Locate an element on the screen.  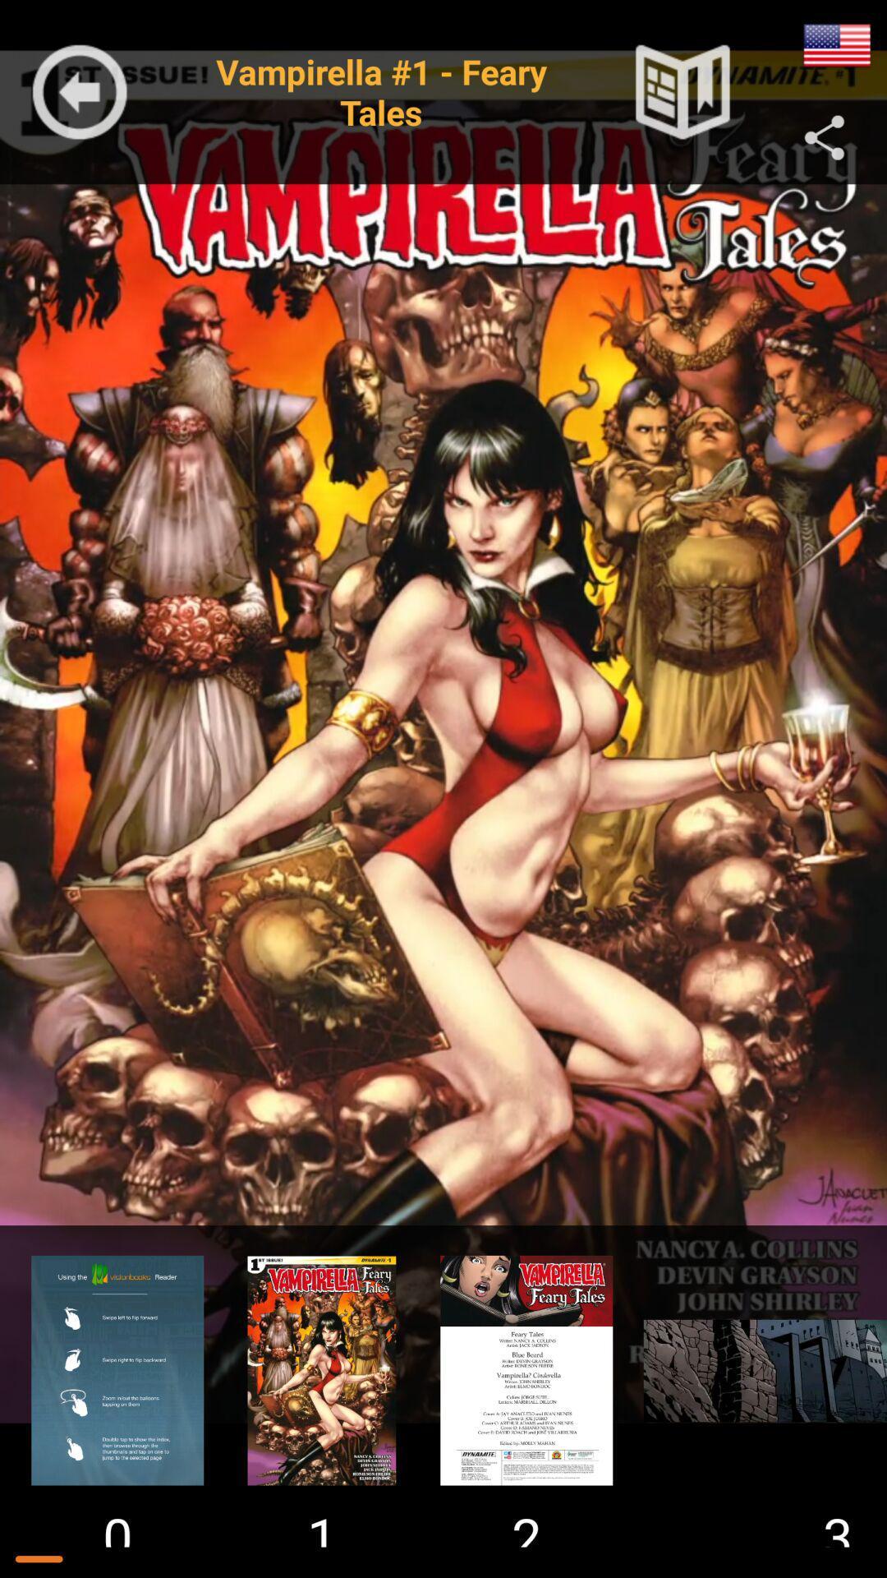
option 3 is located at coordinates (526, 1370).